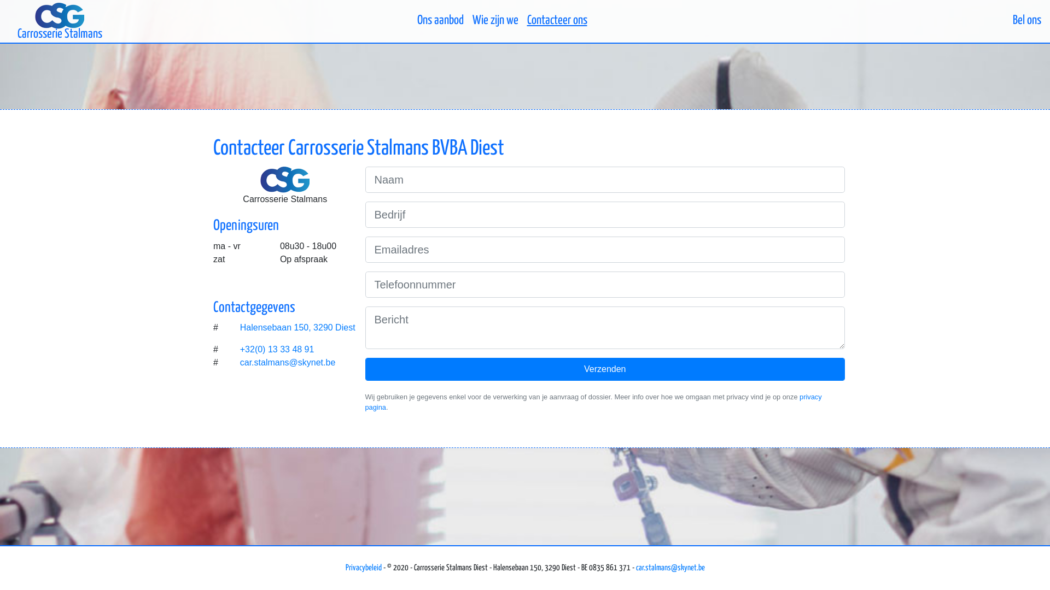 This screenshot has height=590, width=1050. Describe the element at coordinates (557, 21) in the screenshot. I see `'Contacteer ons'` at that location.